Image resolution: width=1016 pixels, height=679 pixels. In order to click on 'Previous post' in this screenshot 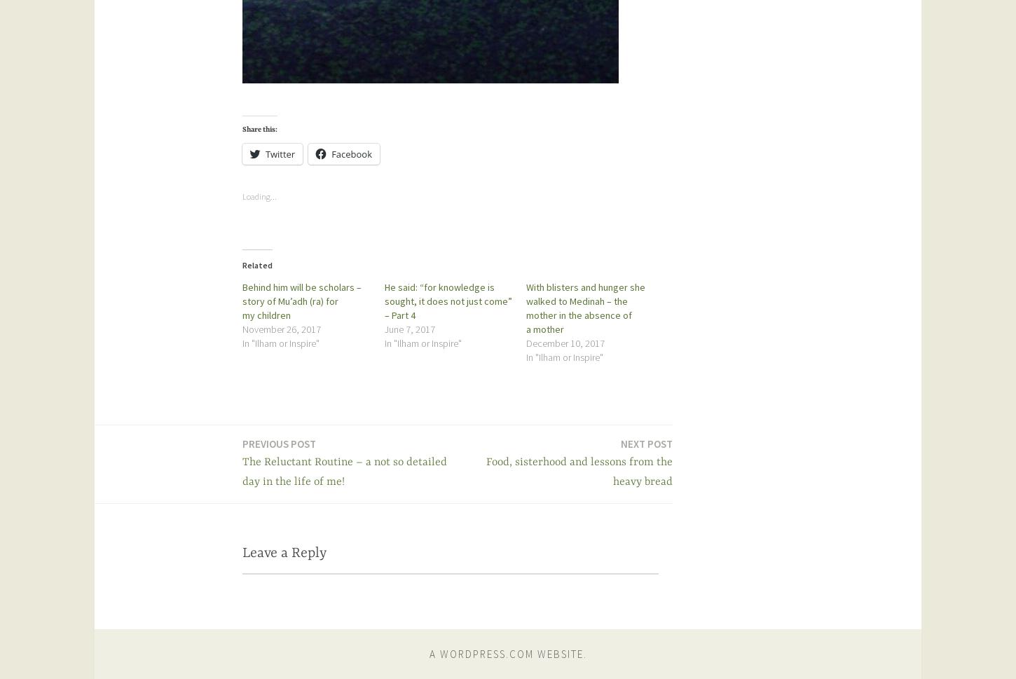, I will do `click(278, 443)`.